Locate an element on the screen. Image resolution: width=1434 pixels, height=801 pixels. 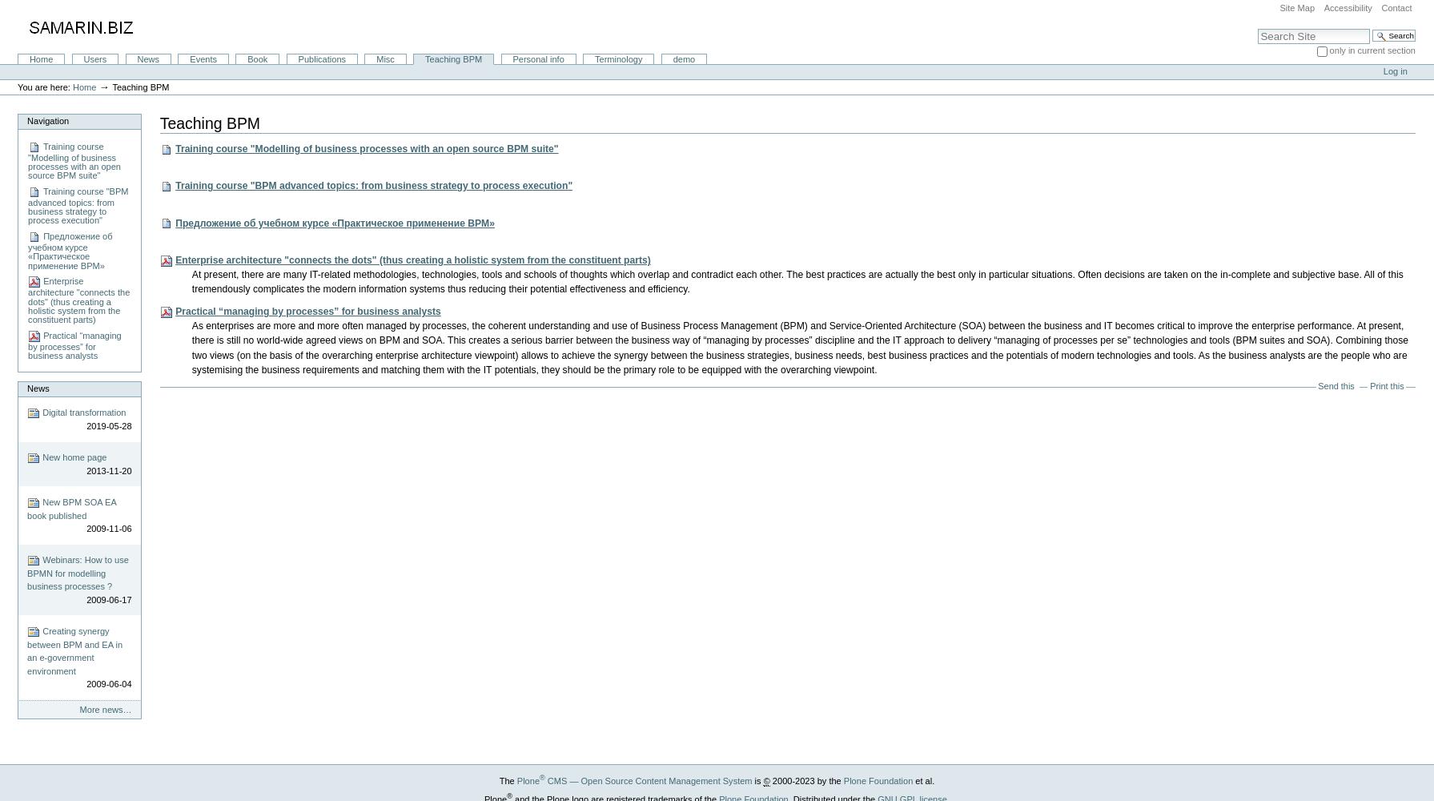
'Log in' is located at coordinates (1393, 70).